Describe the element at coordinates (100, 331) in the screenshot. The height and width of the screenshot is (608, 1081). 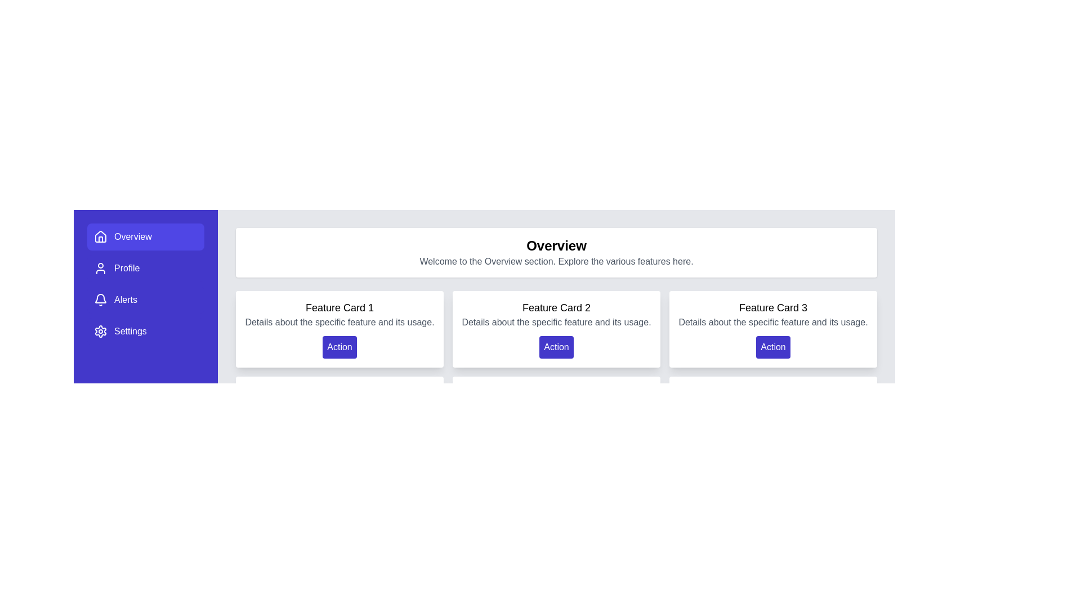
I see `the cogwheel icon located in the left sidebar navigation, which is the fourth element in the list` at that location.